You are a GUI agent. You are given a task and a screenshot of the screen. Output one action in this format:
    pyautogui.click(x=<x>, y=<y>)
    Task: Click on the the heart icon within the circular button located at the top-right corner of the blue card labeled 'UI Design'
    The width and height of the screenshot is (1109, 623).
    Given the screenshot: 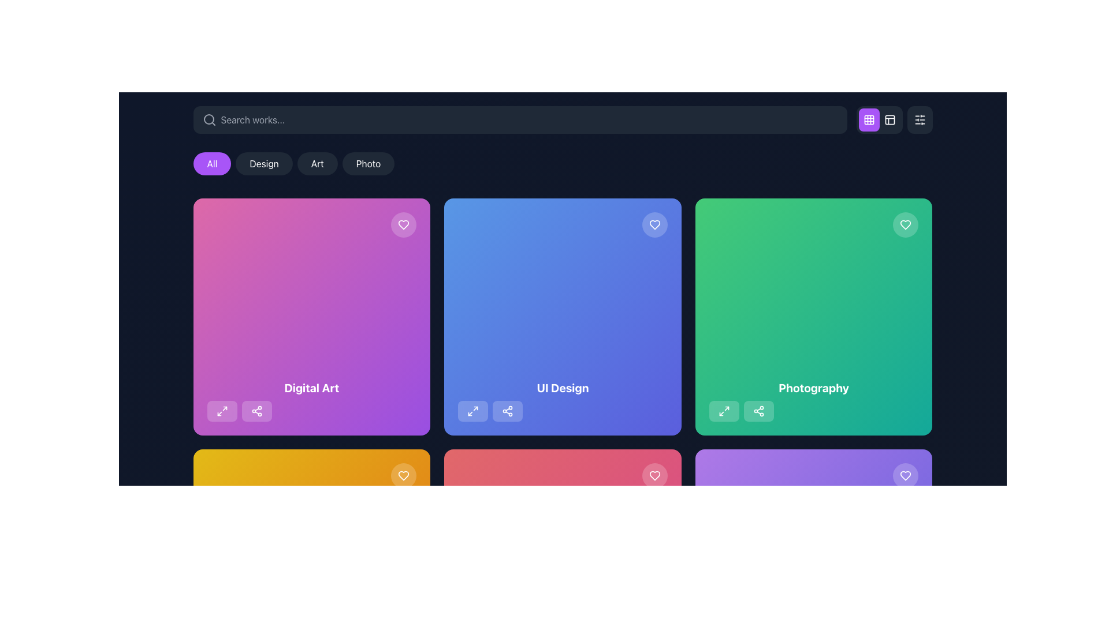 What is the action you would take?
    pyautogui.click(x=654, y=224)
    